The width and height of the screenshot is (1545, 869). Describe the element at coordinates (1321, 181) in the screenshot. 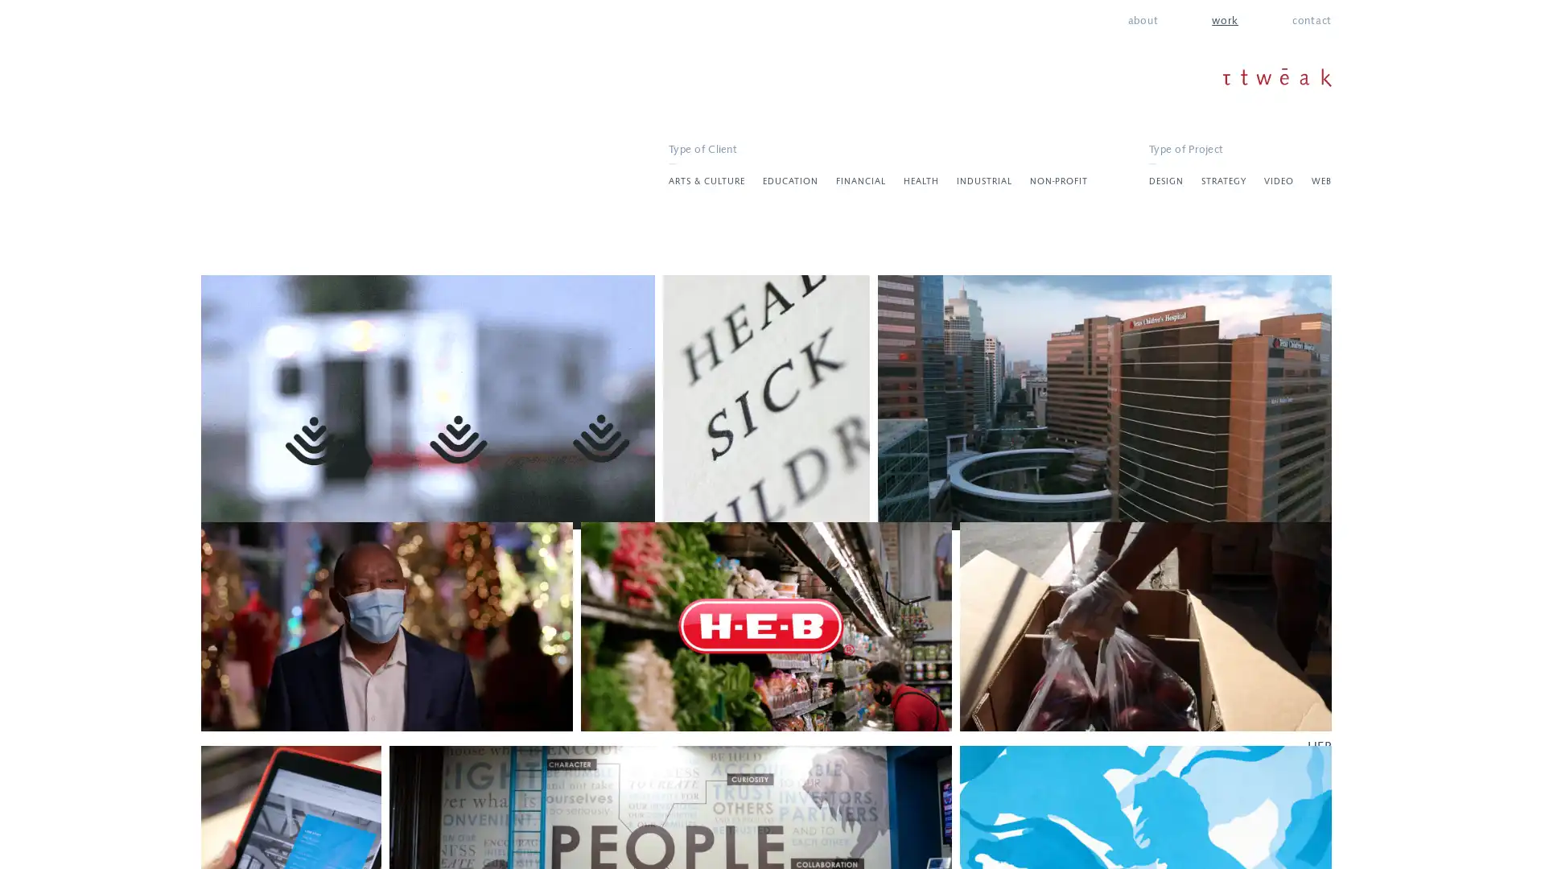

I see `WEB` at that location.